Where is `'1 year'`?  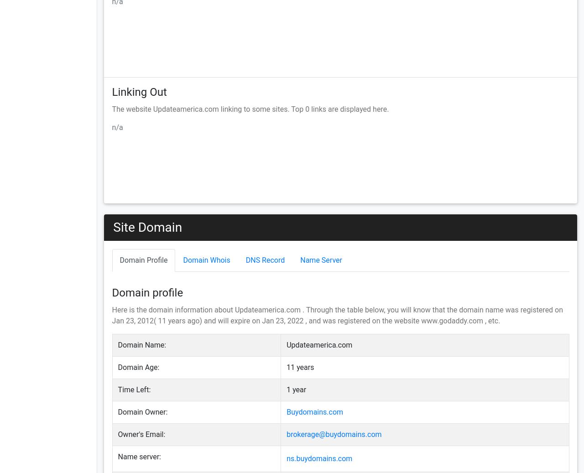
'1 year' is located at coordinates (296, 390).